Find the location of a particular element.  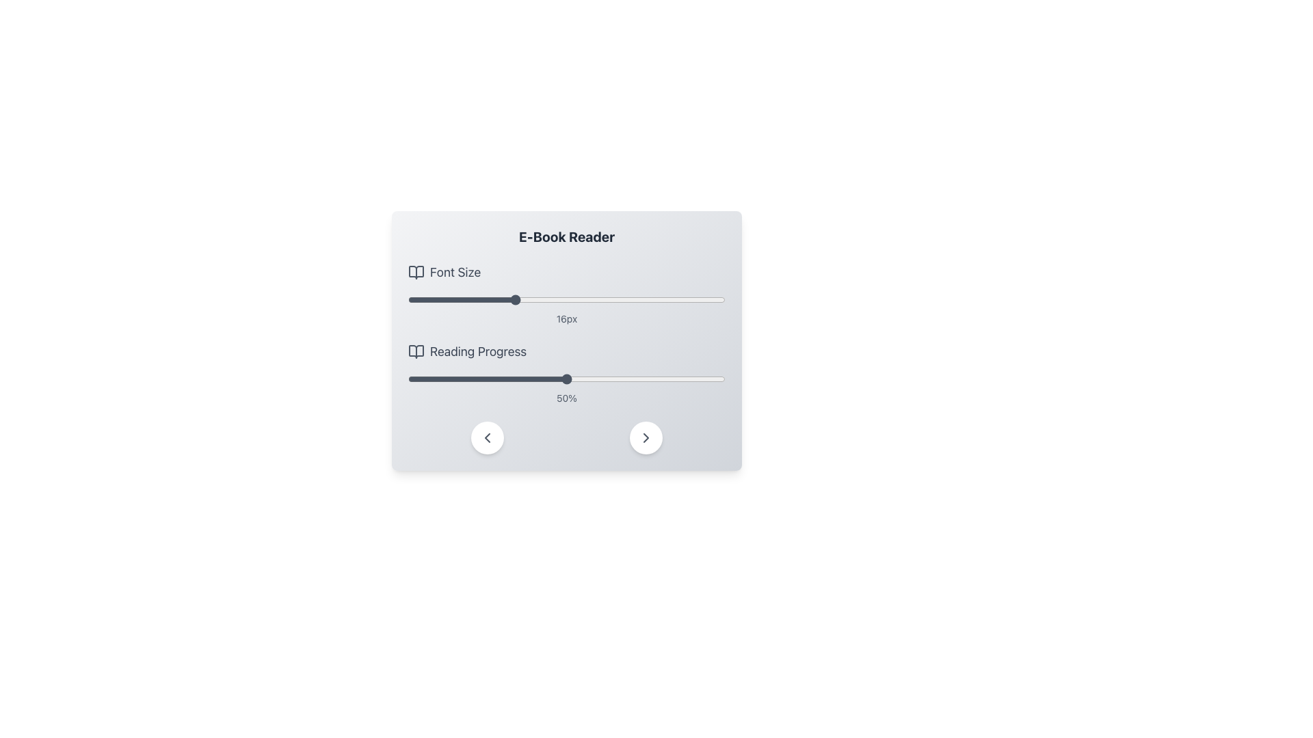

the open book icon located in the 'Font Size' section, positioned to the left of the 'Font Size' label text is located at coordinates (416, 272).